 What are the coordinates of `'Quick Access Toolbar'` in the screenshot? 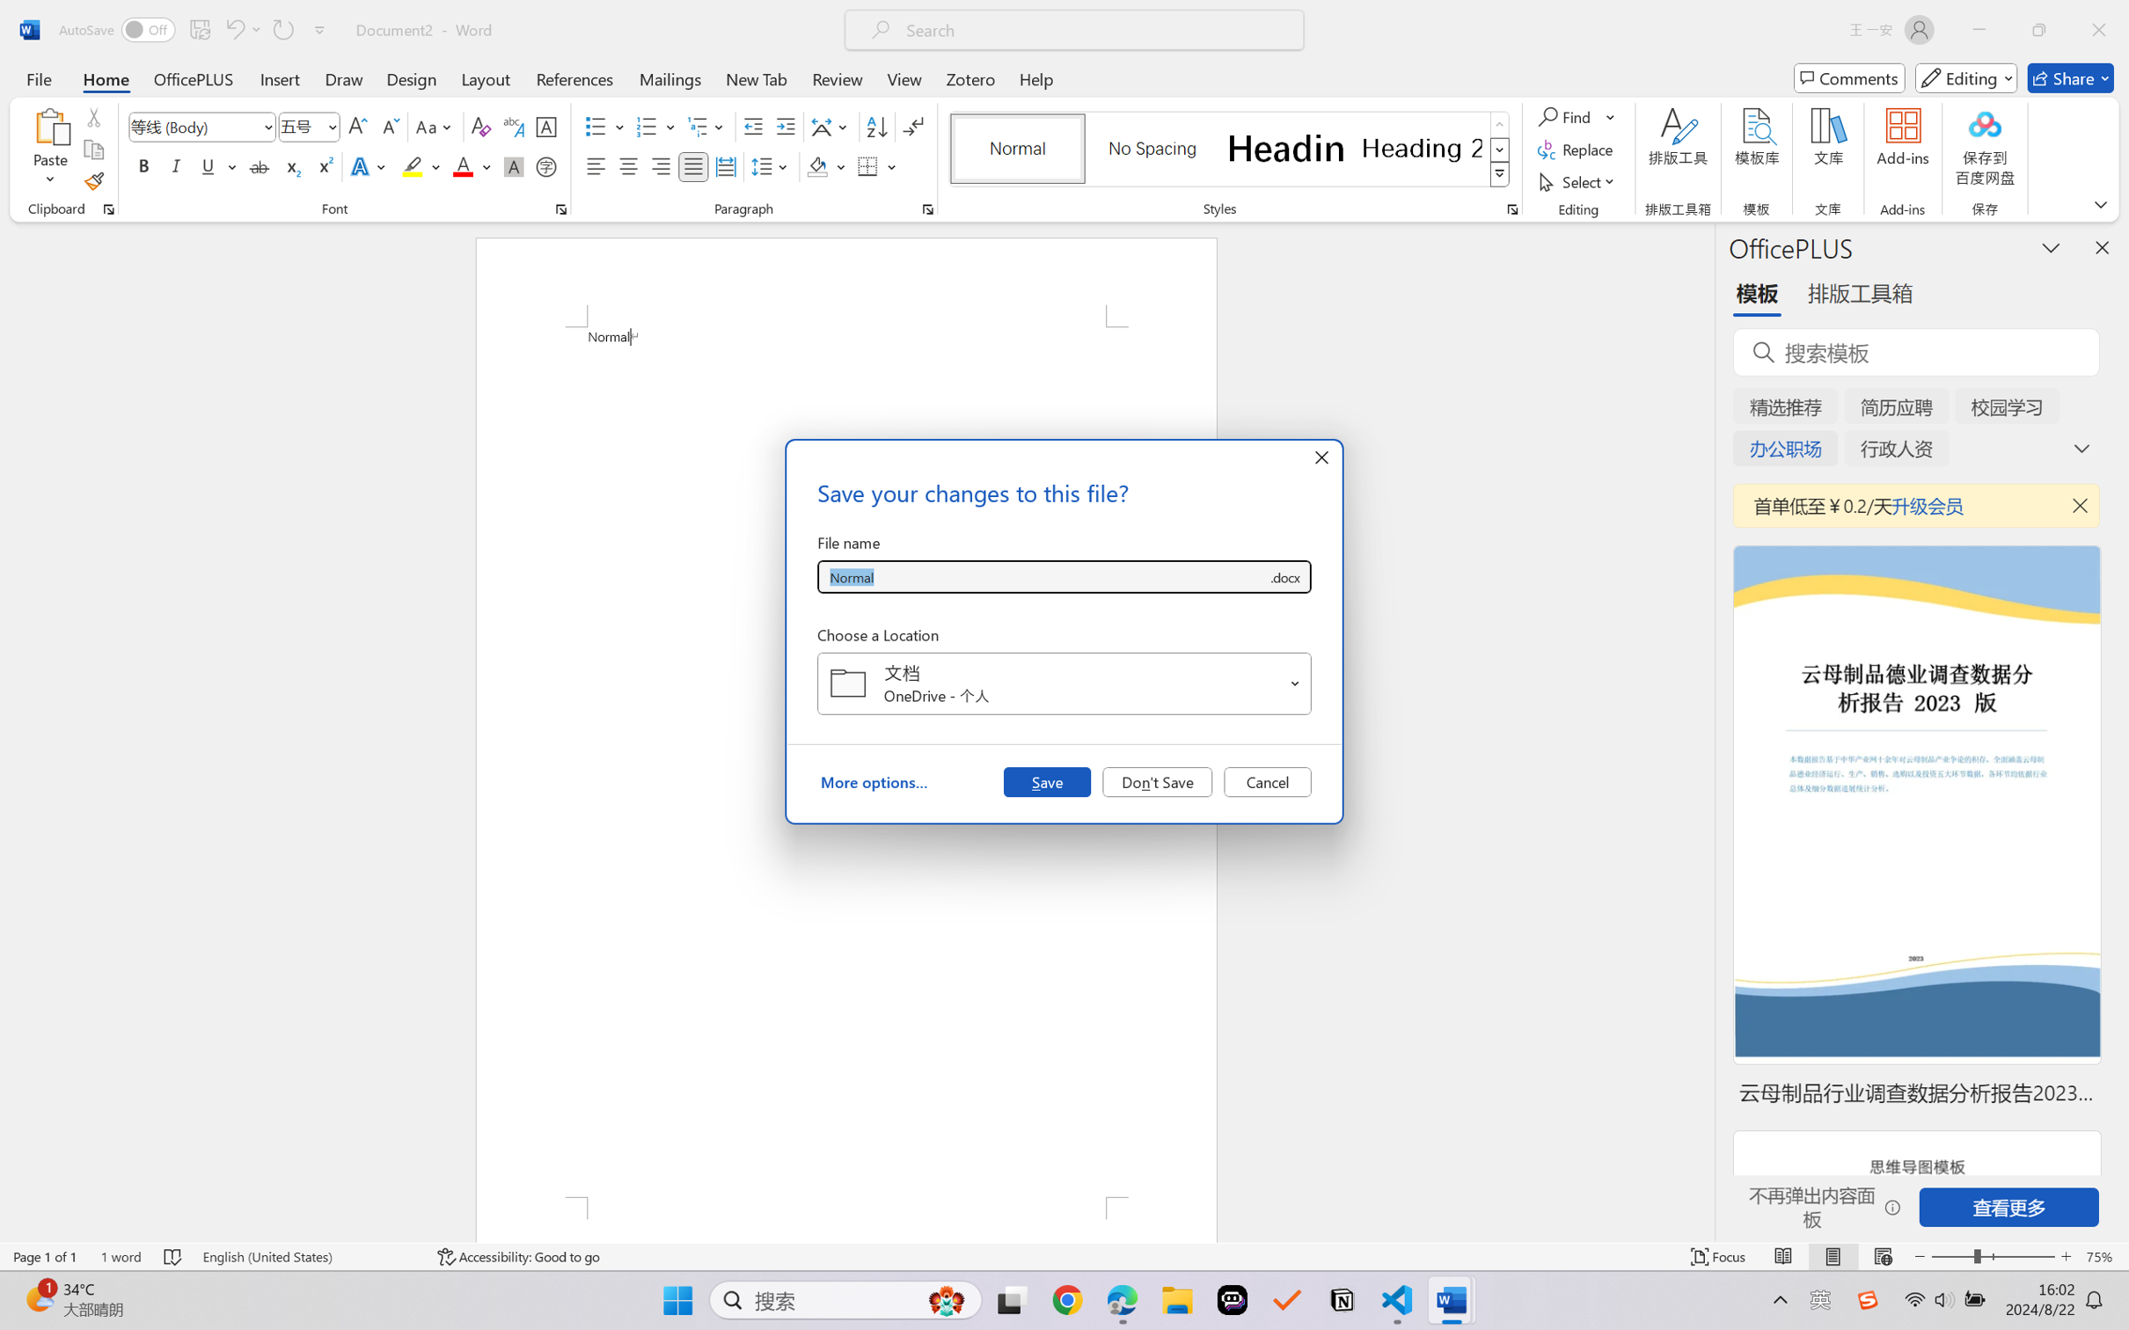 It's located at (195, 29).